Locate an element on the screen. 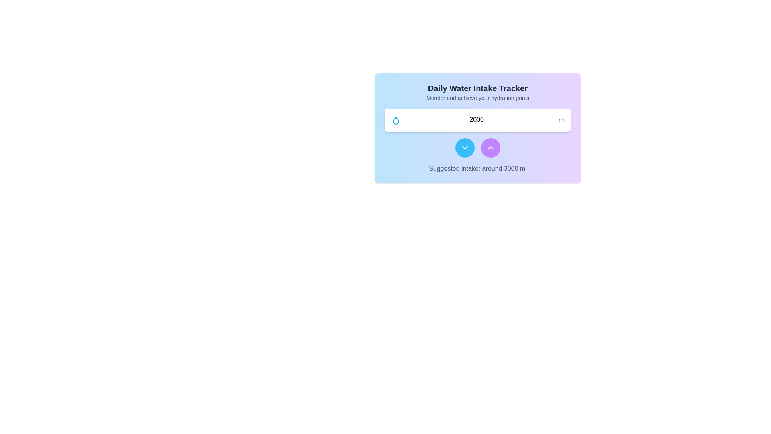  the static text label providing supplementary information beneath the 'Daily Water Intake Tracker' heading is located at coordinates (478, 97).